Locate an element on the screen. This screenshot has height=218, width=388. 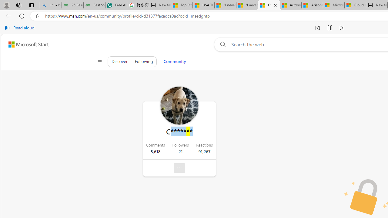
'Community' is located at coordinates (174, 61).